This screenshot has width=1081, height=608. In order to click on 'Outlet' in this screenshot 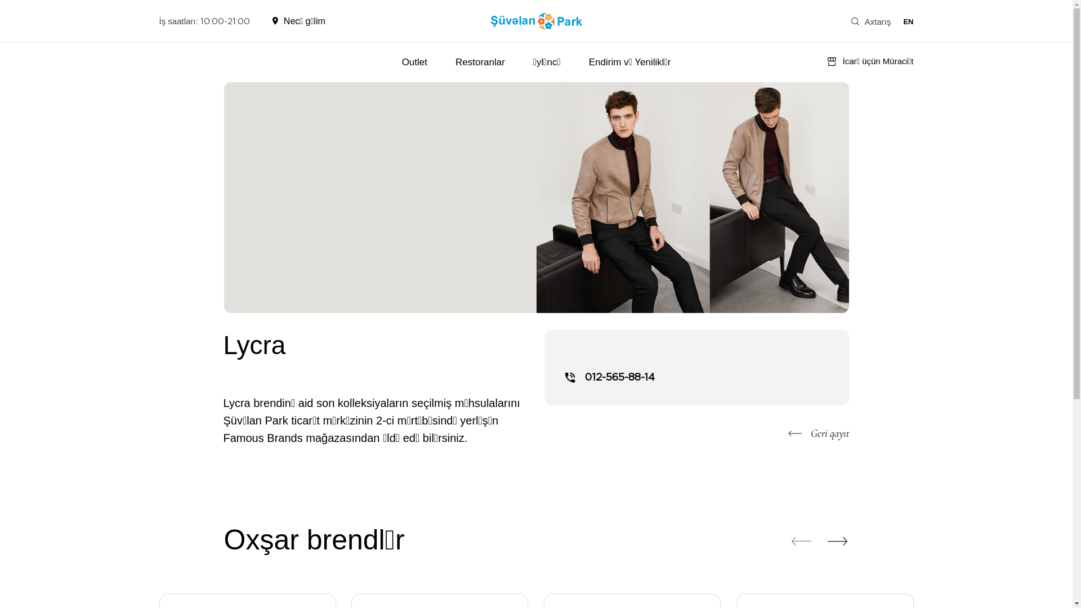, I will do `click(414, 62)`.